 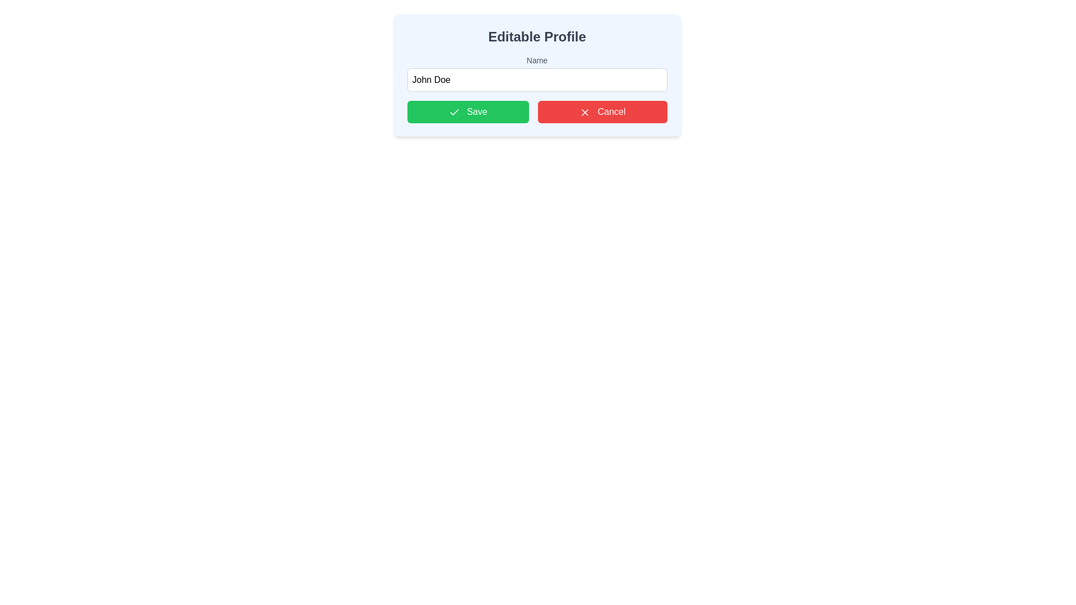 I want to click on the leftmost button in the horizontal group below the 'Name' text input field, so click(x=468, y=112).